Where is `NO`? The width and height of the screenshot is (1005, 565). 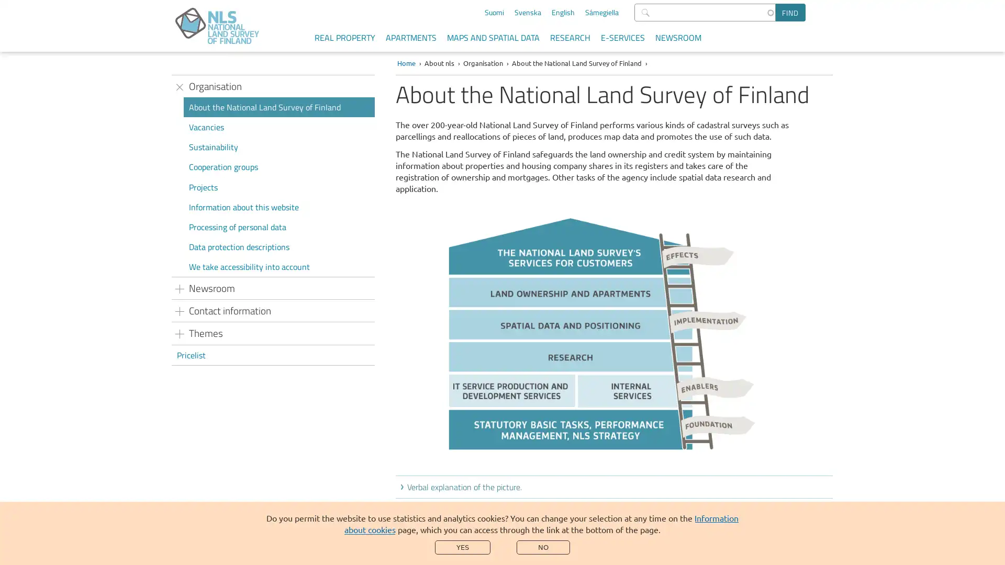
NO is located at coordinates (543, 547).